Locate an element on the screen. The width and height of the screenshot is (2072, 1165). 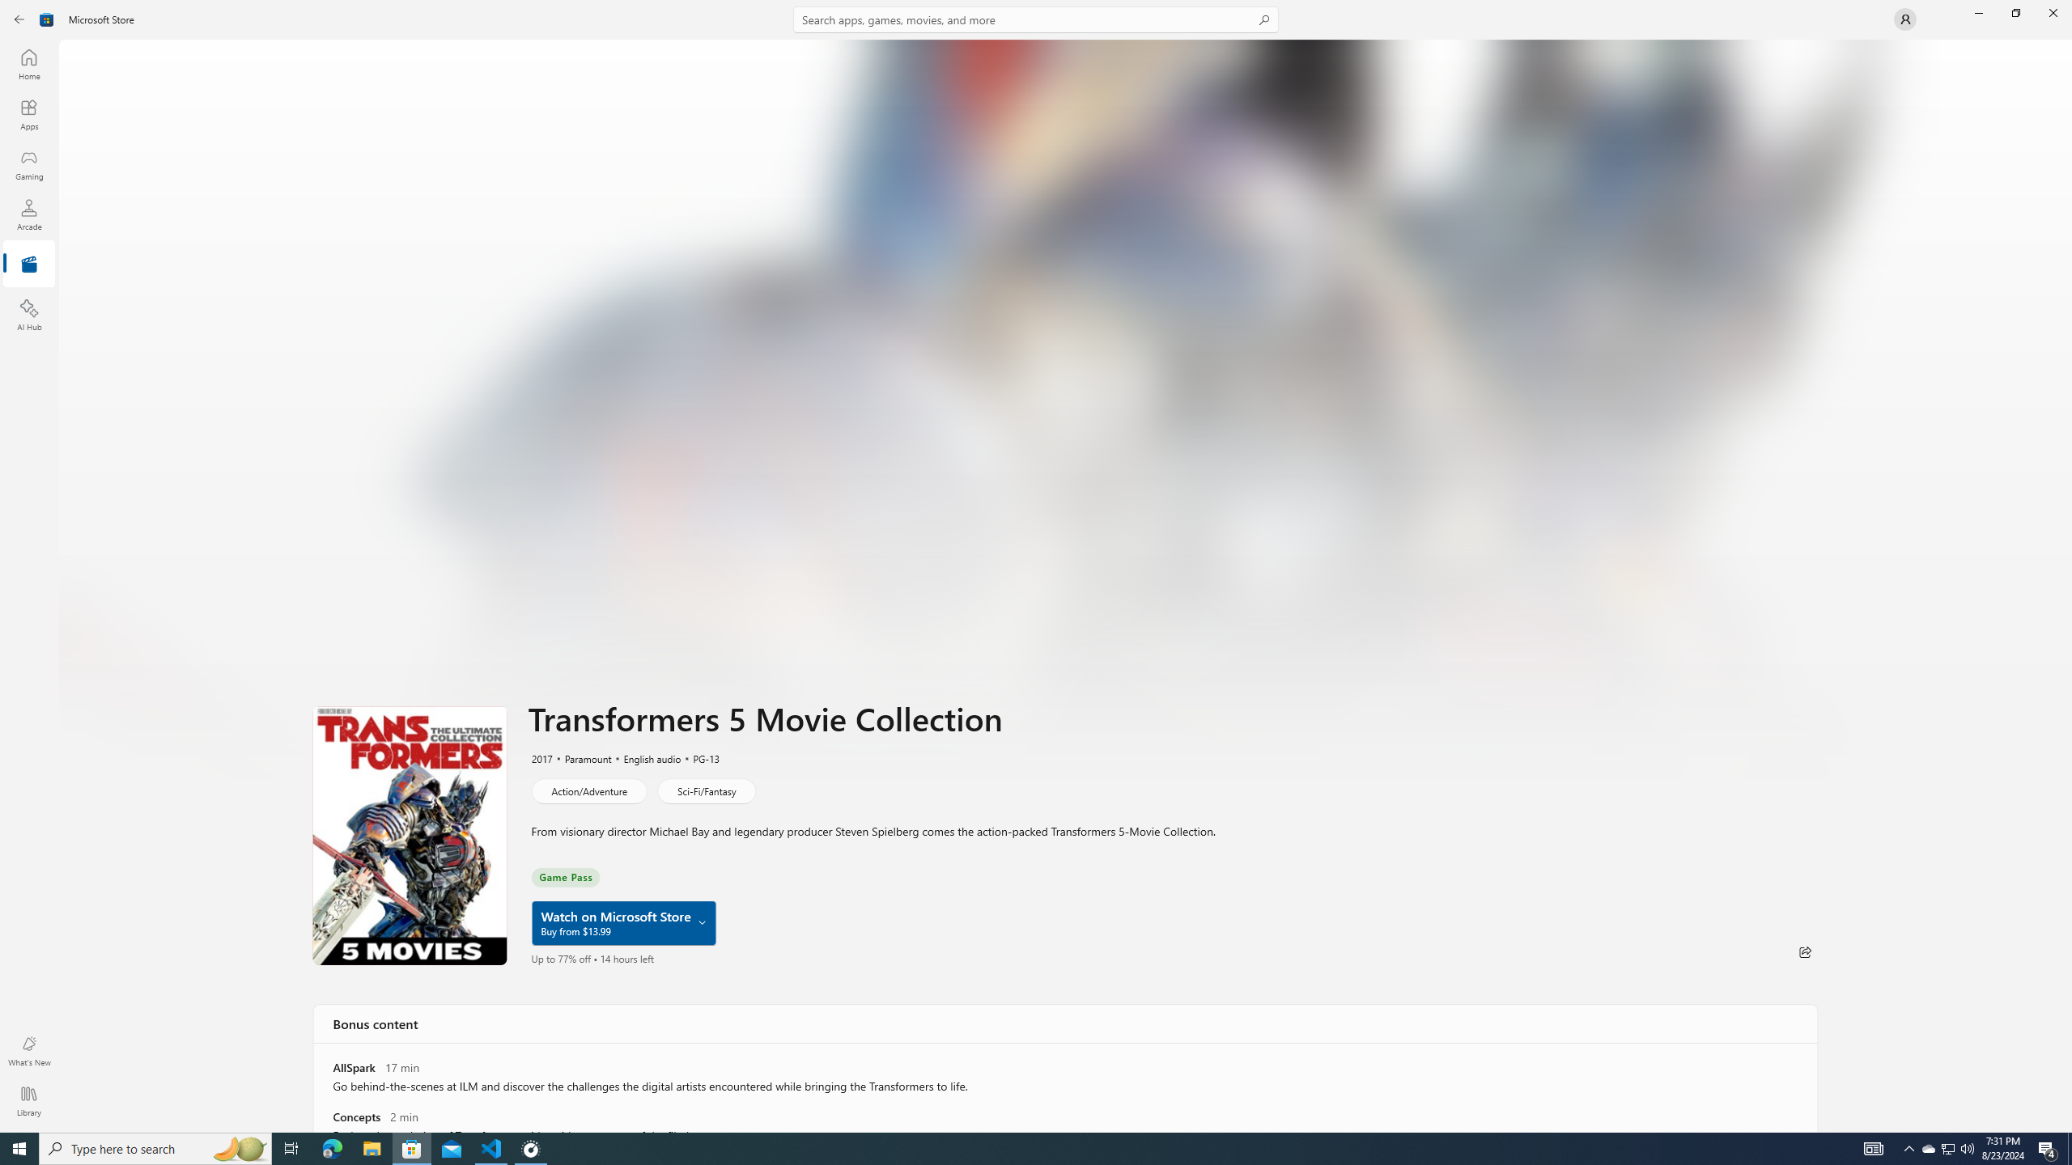
'English audio' is located at coordinates (644, 758).